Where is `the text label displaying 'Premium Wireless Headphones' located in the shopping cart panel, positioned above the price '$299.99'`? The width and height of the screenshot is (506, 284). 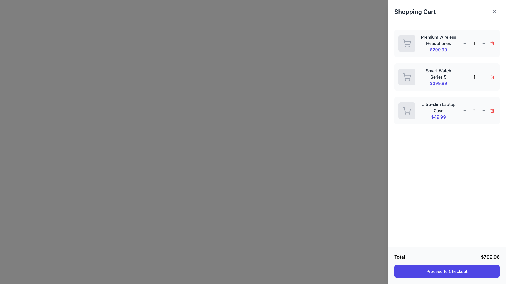 the text label displaying 'Premium Wireless Headphones' located in the shopping cart panel, positioned above the price '$299.99' is located at coordinates (439, 40).